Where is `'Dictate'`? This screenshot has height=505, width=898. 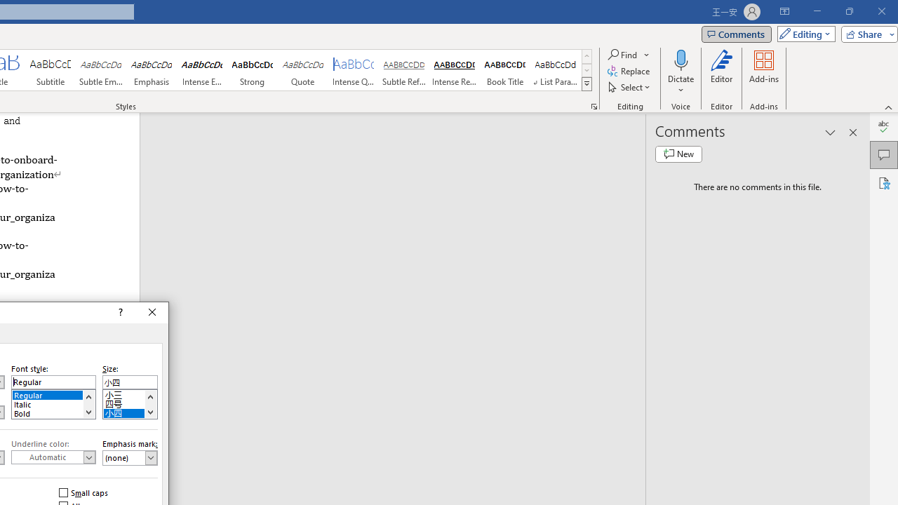
'Dictate' is located at coordinates (681, 72).